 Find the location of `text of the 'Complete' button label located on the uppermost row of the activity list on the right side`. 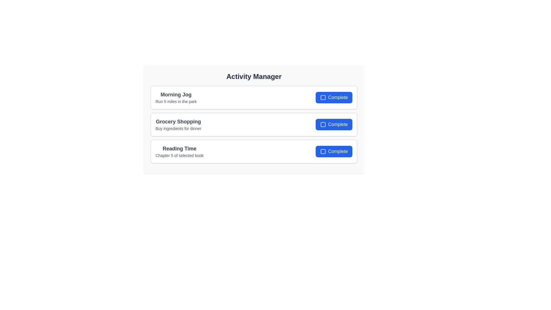

text of the 'Complete' button label located on the uppermost row of the activity list on the right side is located at coordinates (338, 97).